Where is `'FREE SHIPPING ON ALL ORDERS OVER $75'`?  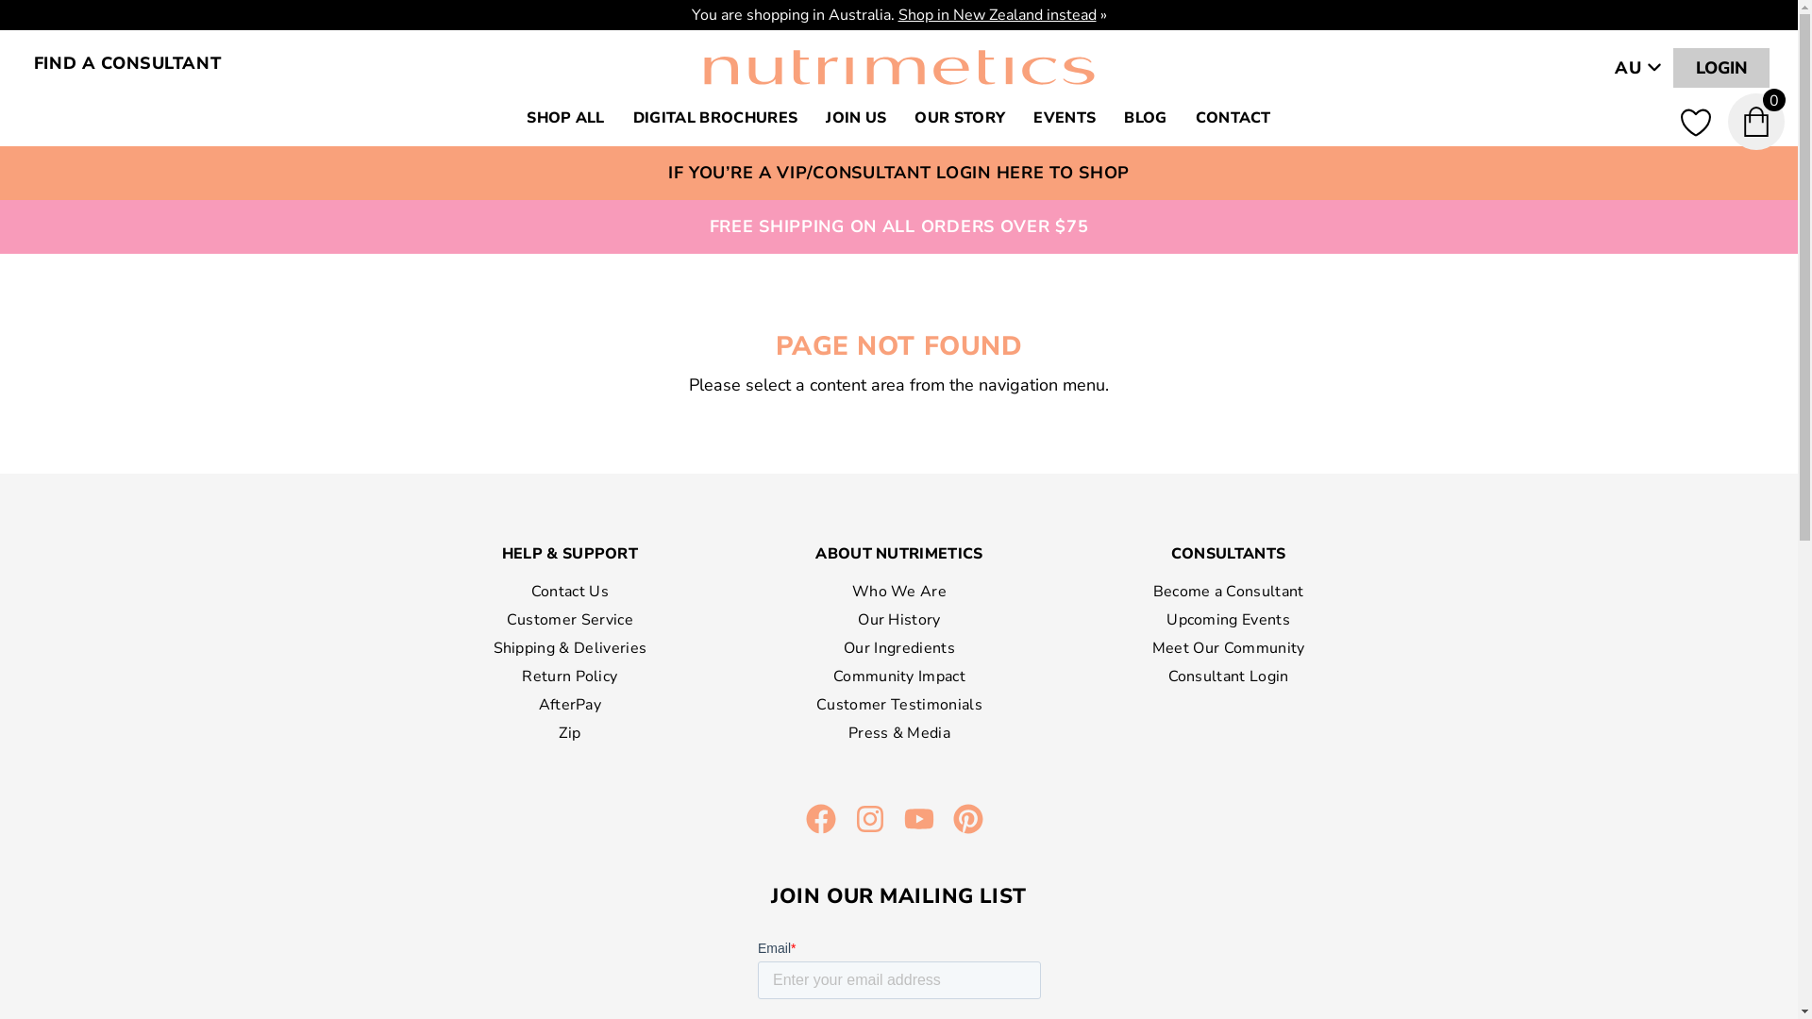
'FREE SHIPPING ON ALL ORDERS OVER $75' is located at coordinates (898, 225).